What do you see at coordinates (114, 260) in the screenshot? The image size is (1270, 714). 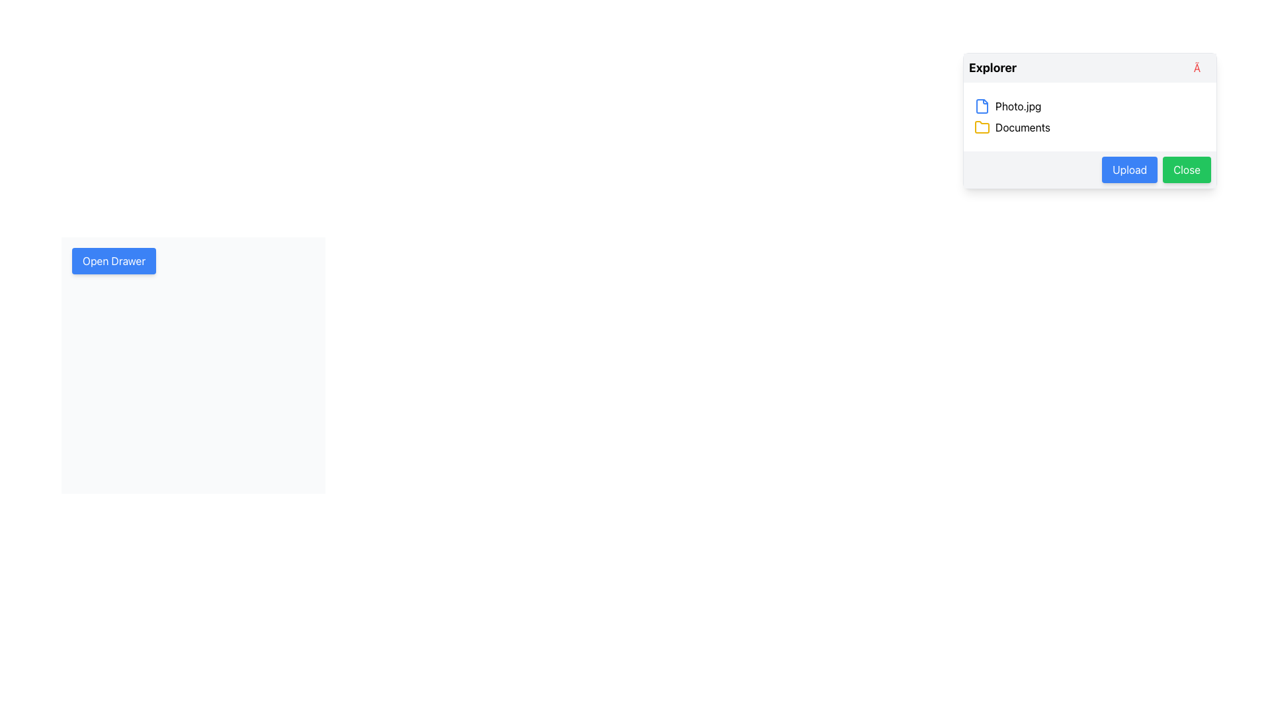 I see `the rectangular button with rounded corners labeled 'Open Drawer' that has a blue background and white text to initiate the drawer opening action` at bounding box center [114, 260].